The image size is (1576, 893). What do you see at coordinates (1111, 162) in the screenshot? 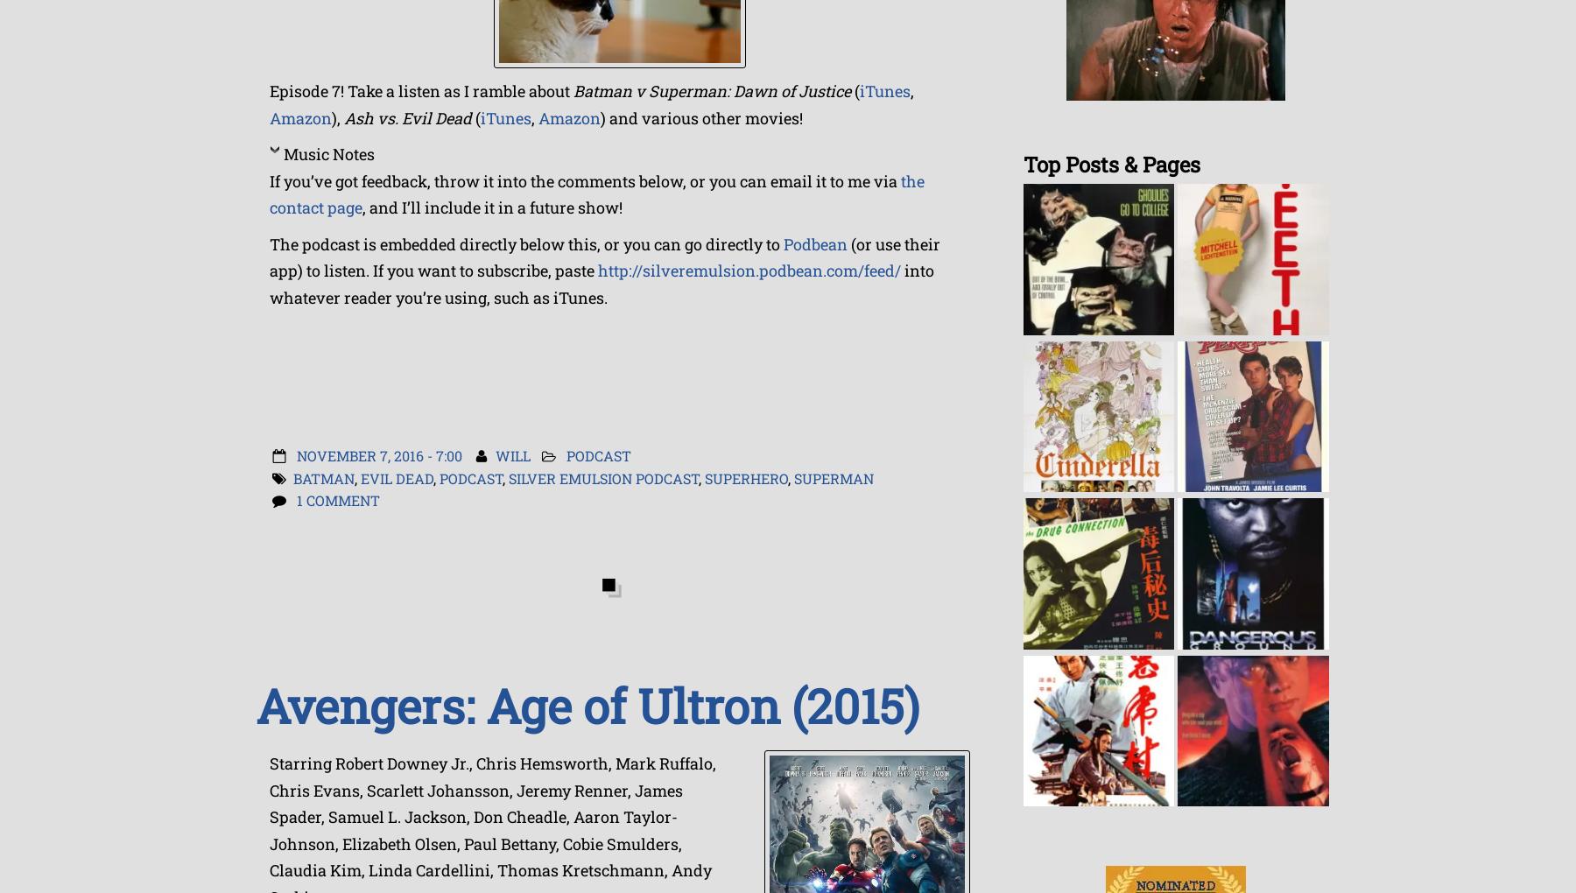
I see `'Top Posts & Pages'` at bounding box center [1111, 162].